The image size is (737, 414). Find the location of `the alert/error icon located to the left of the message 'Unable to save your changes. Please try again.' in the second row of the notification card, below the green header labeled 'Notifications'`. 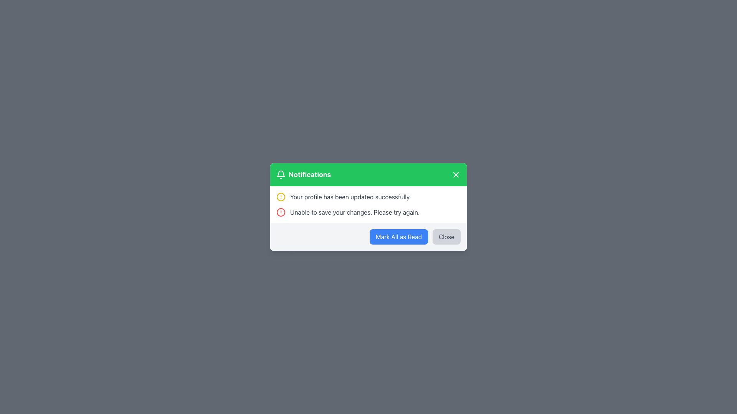

the alert/error icon located to the left of the message 'Unable to save your changes. Please try again.' in the second row of the notification card, below the green header labeled 'Notifications' is located at coordinates (280, 212).